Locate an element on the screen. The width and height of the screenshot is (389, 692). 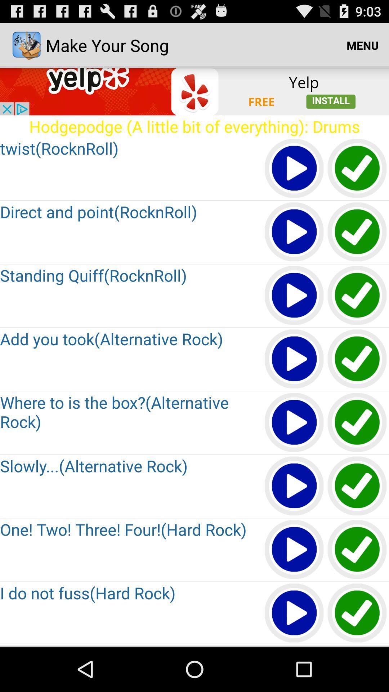
the app install in verified is located at coordinates (357, 423).